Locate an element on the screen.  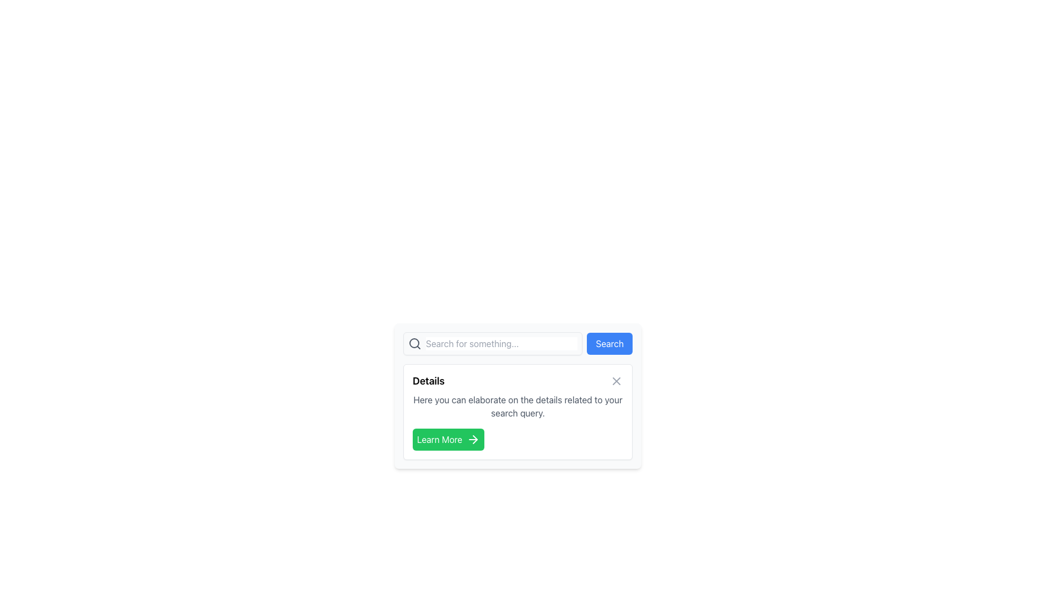
the rightward-pointing arrow icon adjacent to the 'Learn More' button for potential UI effects is located at coordinates (473, 439).